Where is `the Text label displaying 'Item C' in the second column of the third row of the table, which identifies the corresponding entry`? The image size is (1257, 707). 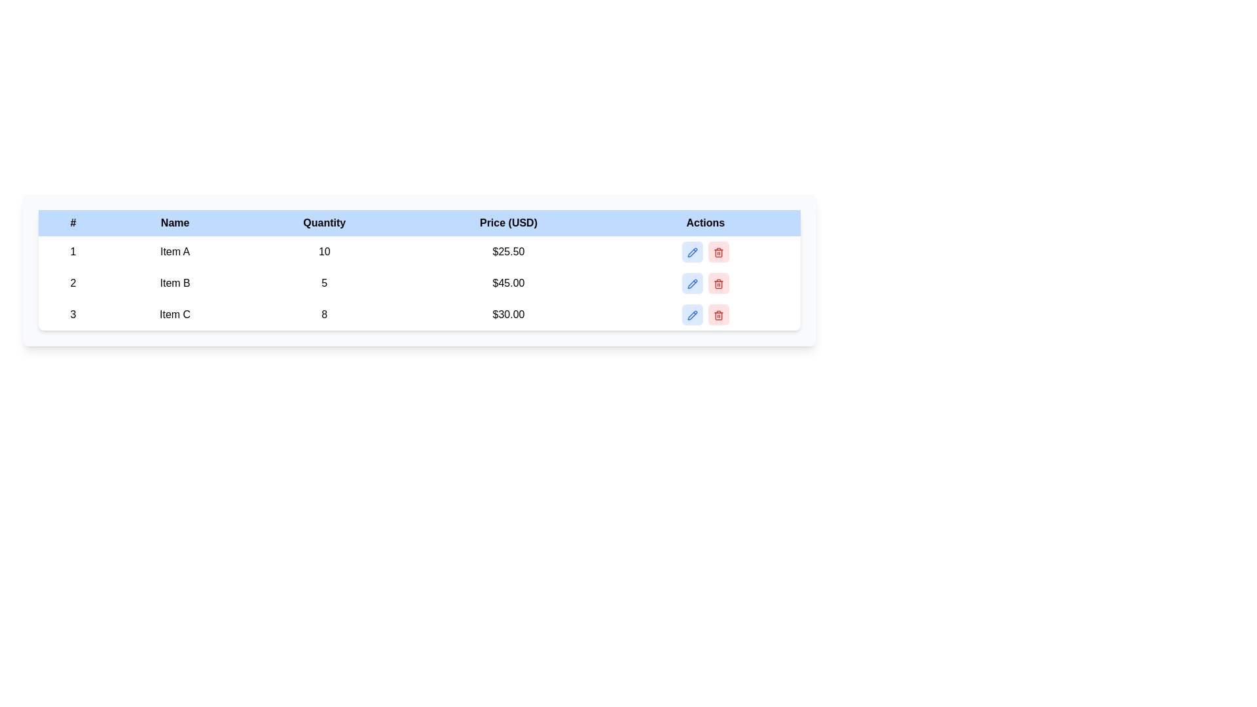 the Text label displaying 'Item C' in the second column of the third row of the table, which identifies the corresponding entry is located at coordinates (174, 315).